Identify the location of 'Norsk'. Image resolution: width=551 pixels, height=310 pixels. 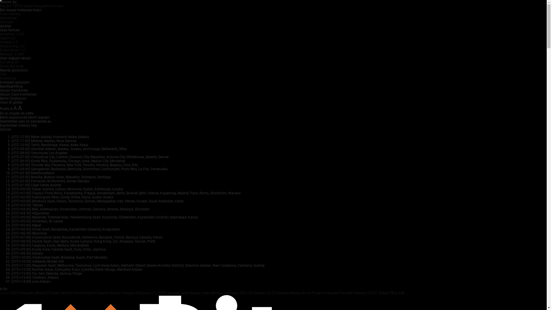
(301, 293).